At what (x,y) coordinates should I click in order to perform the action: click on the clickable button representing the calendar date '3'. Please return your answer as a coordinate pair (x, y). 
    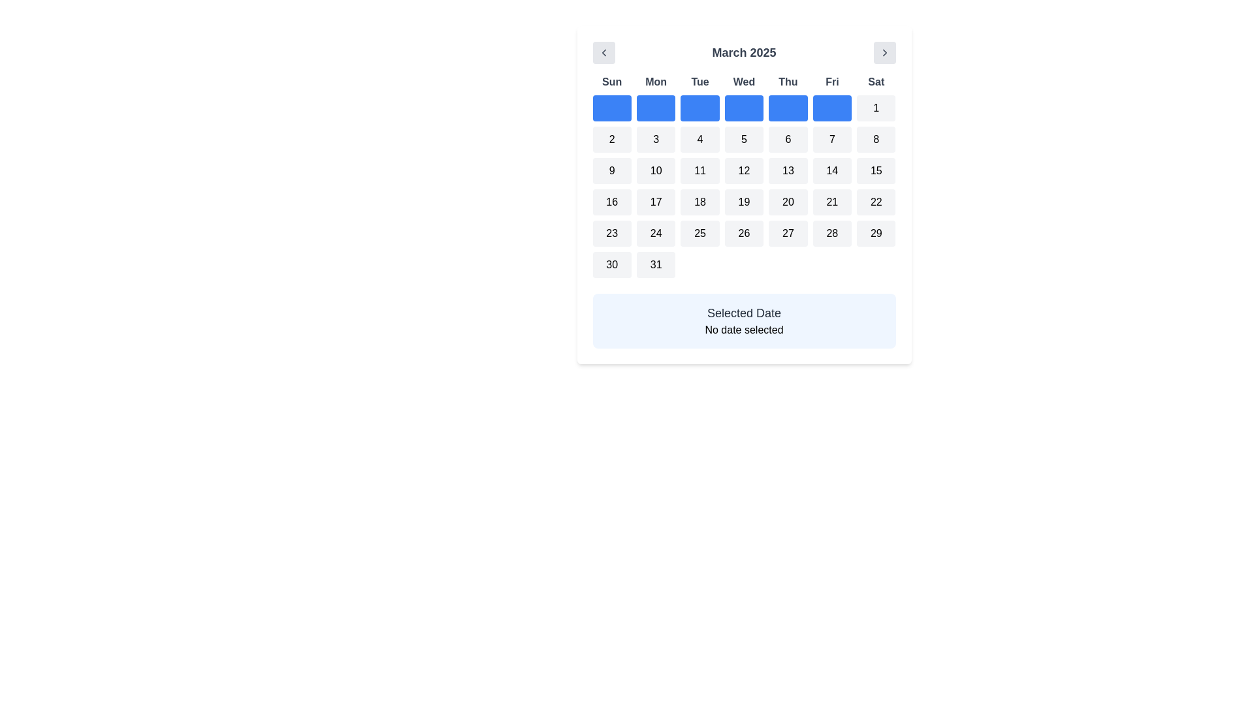
    Looking at the image, I should click on (656, 139).